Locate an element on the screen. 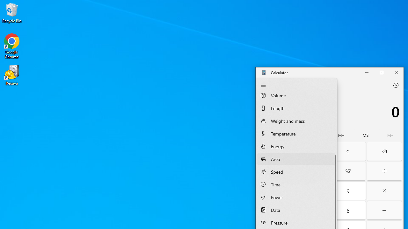 This screenshot has width=408, height=229. 'Energy Converter' is located at coordinates (296, 146).